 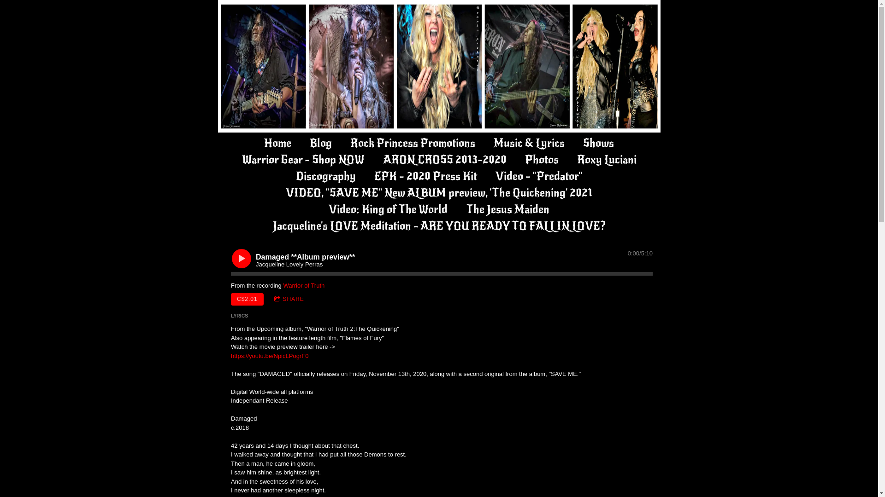 I want to click on 'Blog', so click(x=310, y=143).